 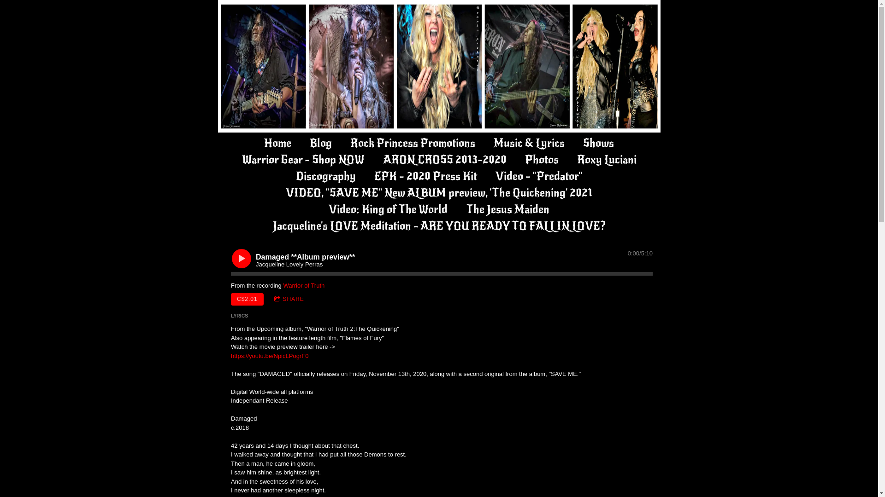 I want to click on 'Blog', so click(x=310, y=143).